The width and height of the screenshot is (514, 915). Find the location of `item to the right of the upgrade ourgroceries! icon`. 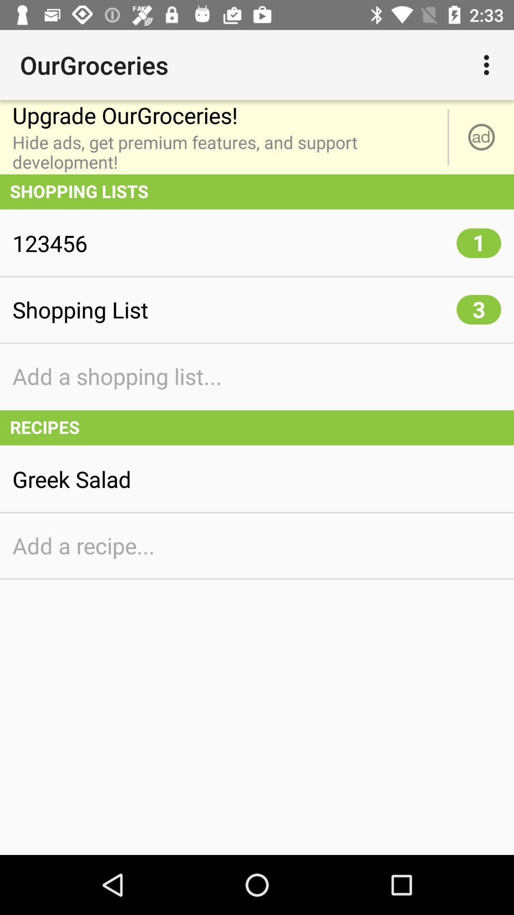

item to the right of the upgrade ourgroceries! icon is located at coordinates (481, 137).